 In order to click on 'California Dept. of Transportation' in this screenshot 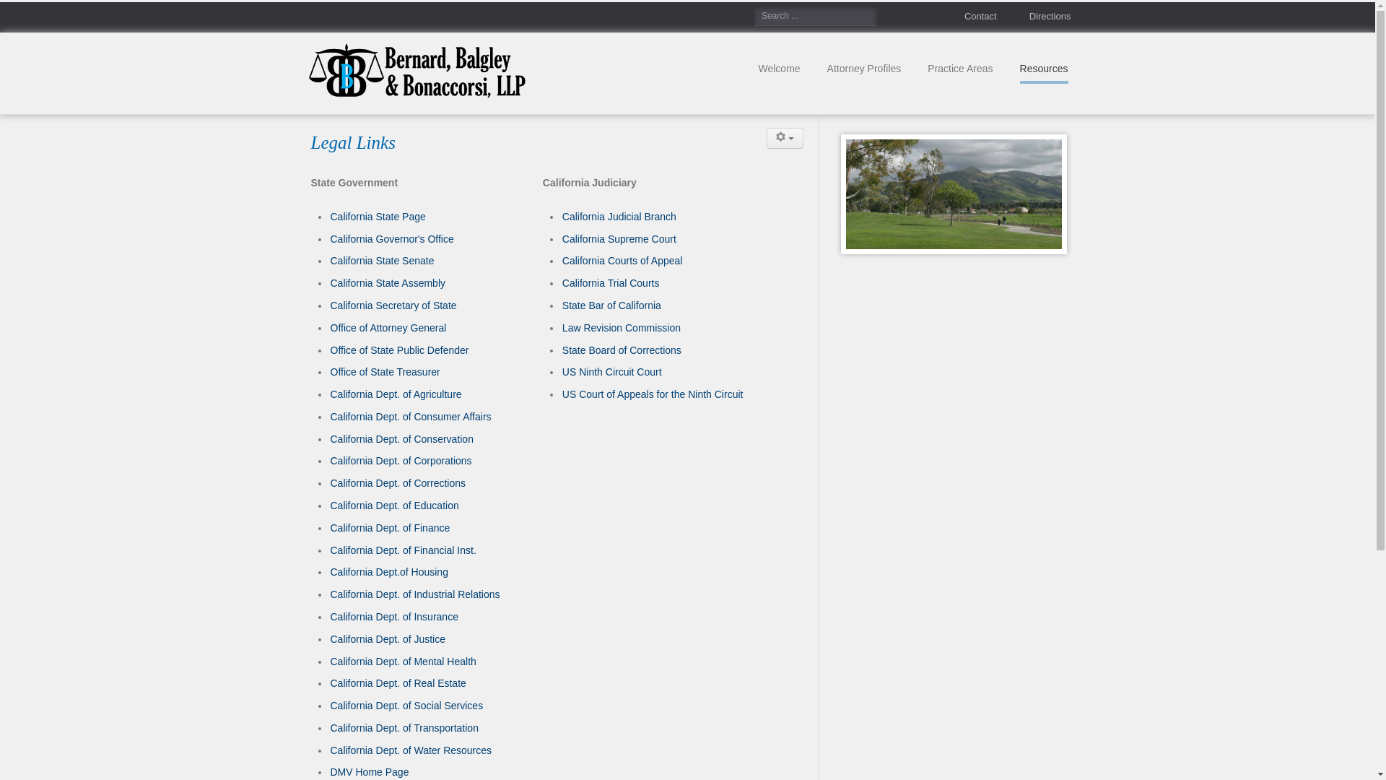, I will do `click(404, 727)`.